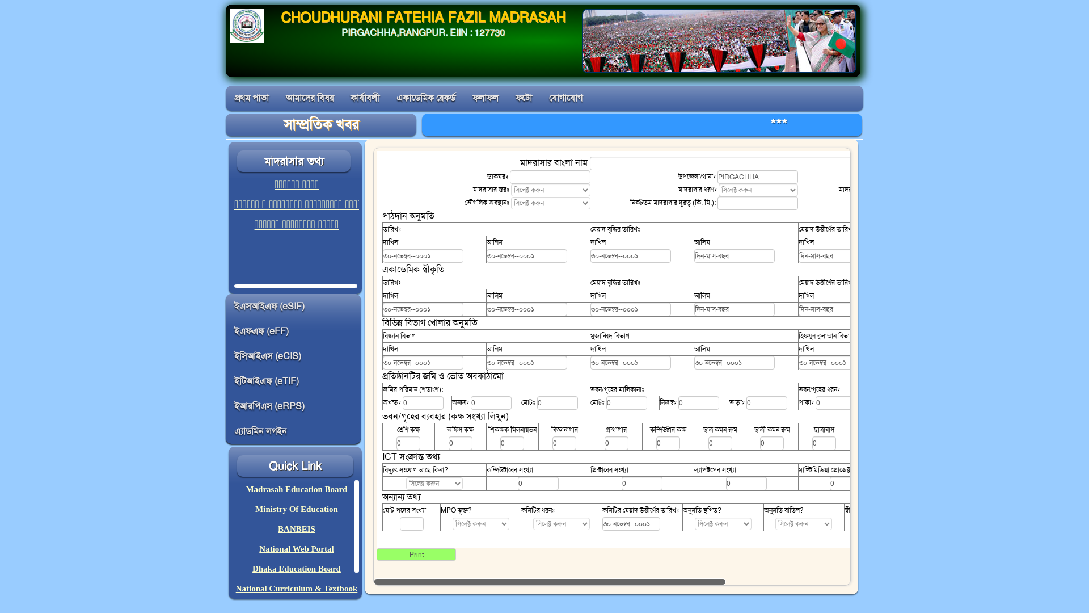  Describe the element at coordinates (297, 509) in the screenshot. I see `'Ministry Of Education'` at that location.